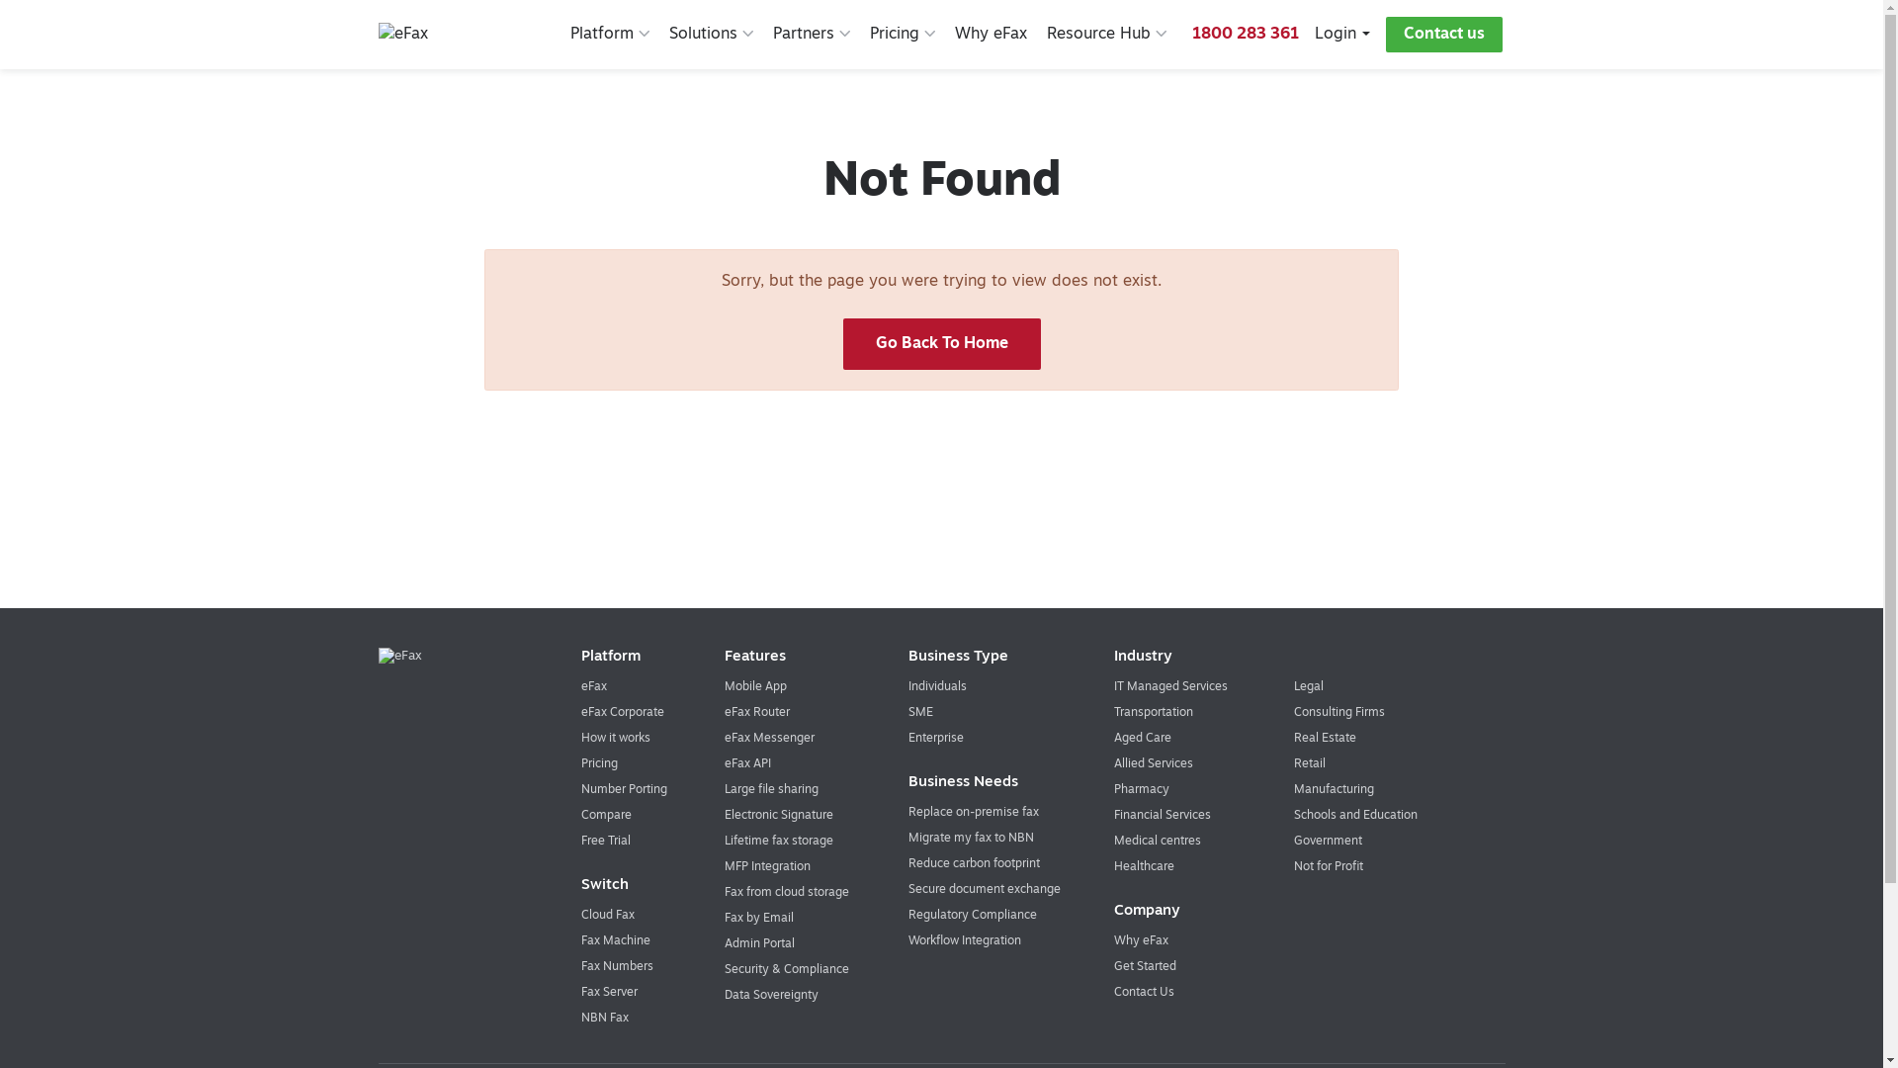 The height and width of the screenshot is (1068, 1898). I want to click on 'Solutions', so click(668, 34).